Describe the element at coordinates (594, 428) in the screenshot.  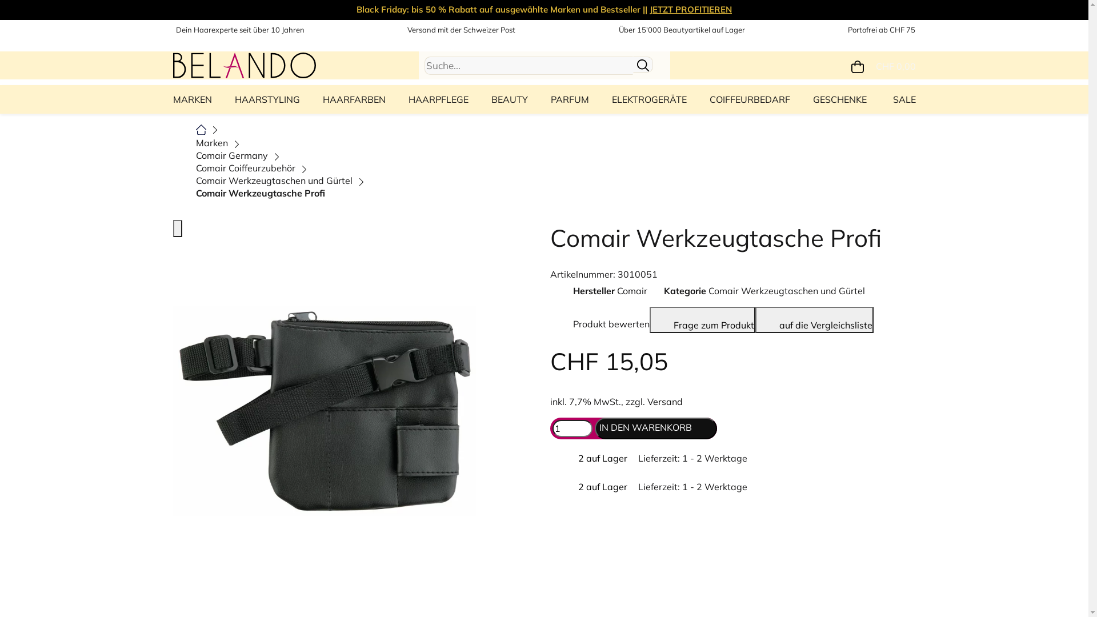
I see `'IN DEN WARENKORB'` at that location.